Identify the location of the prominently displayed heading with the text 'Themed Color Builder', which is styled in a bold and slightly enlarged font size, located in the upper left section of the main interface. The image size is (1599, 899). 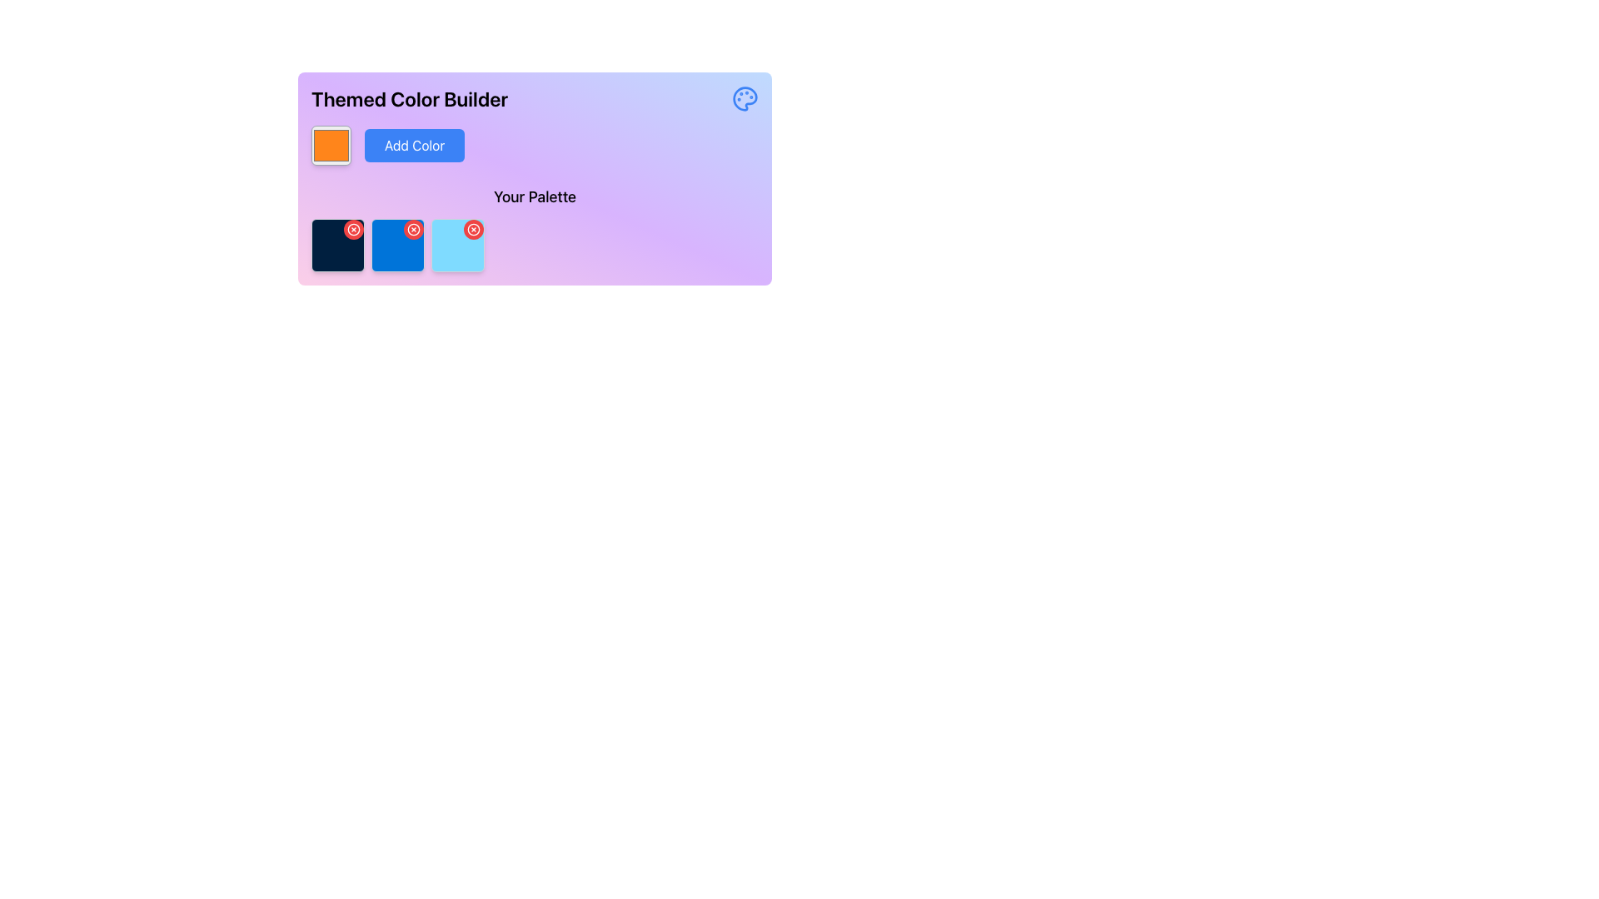
(410, 99).